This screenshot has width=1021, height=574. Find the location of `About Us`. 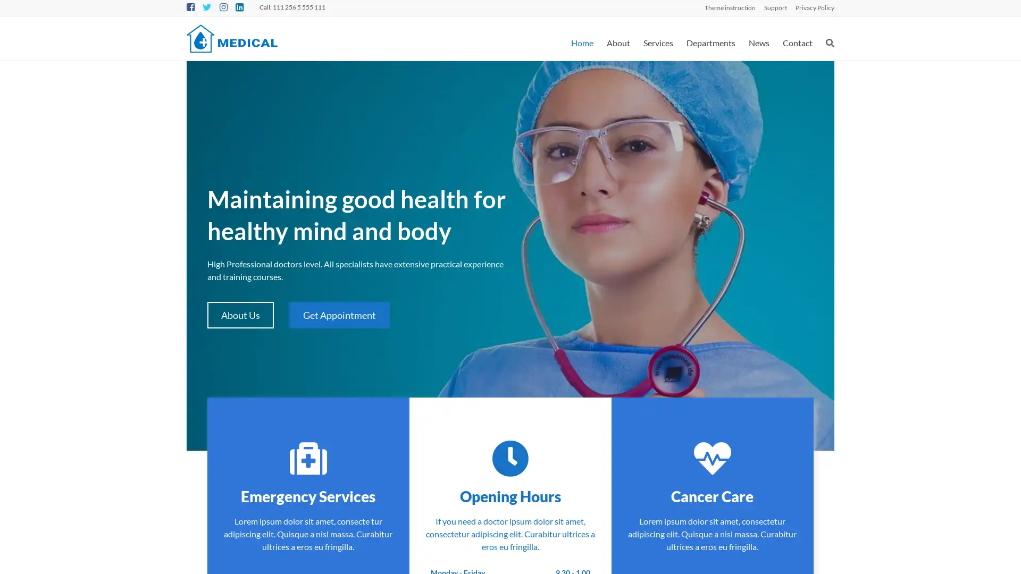

About Us is located at coordinates (240, 315).